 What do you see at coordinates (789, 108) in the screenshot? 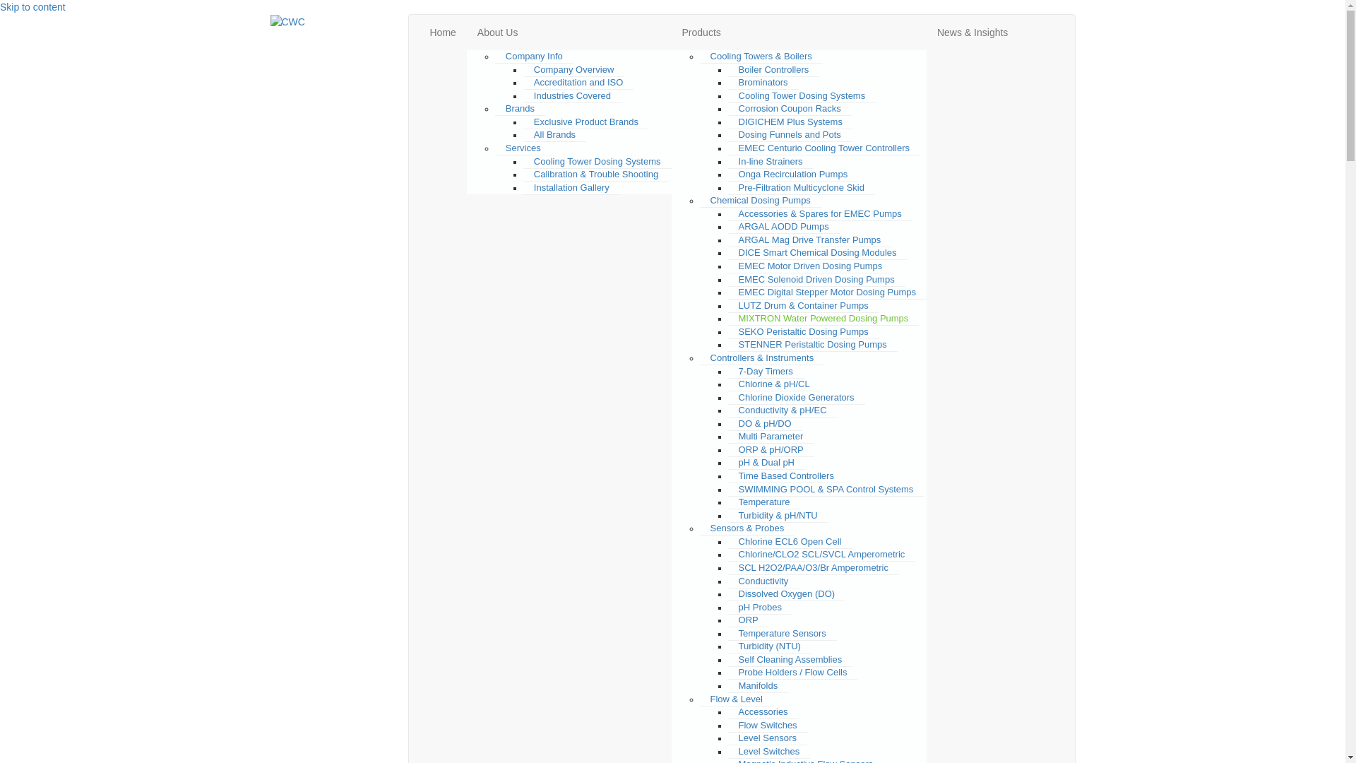
I see `'Corrosion Coupon Racks'` at bounding box center [789, 108].